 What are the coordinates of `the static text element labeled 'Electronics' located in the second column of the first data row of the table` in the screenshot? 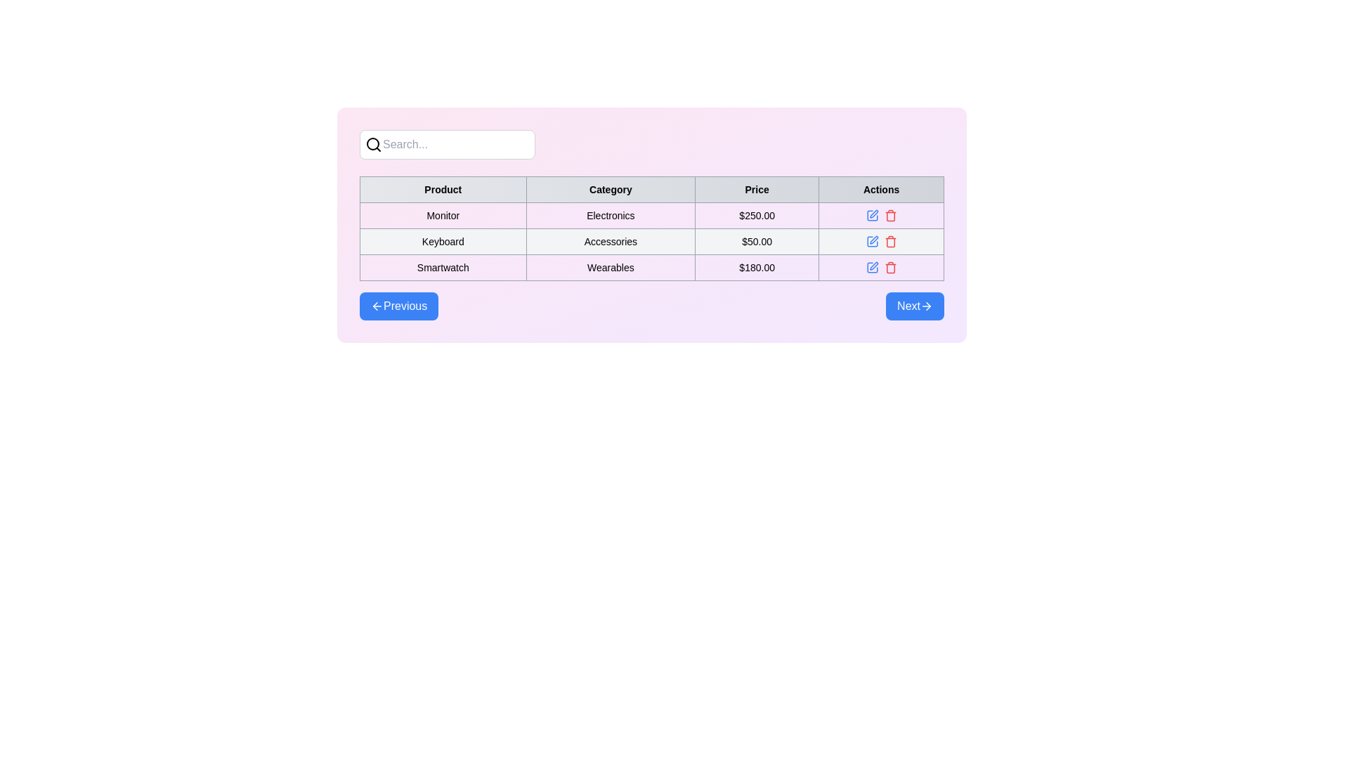 It's located at (651, 224).